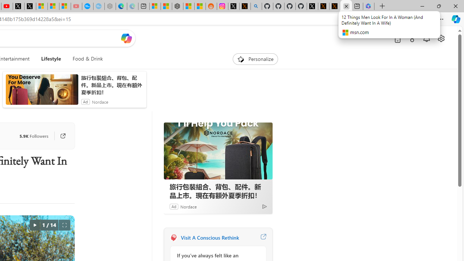  What do you see at coordinates (241, 58) in the screenshot?
I see `'To get missing image descriptions, open the context menu.'` at bounding box center [241, 58].